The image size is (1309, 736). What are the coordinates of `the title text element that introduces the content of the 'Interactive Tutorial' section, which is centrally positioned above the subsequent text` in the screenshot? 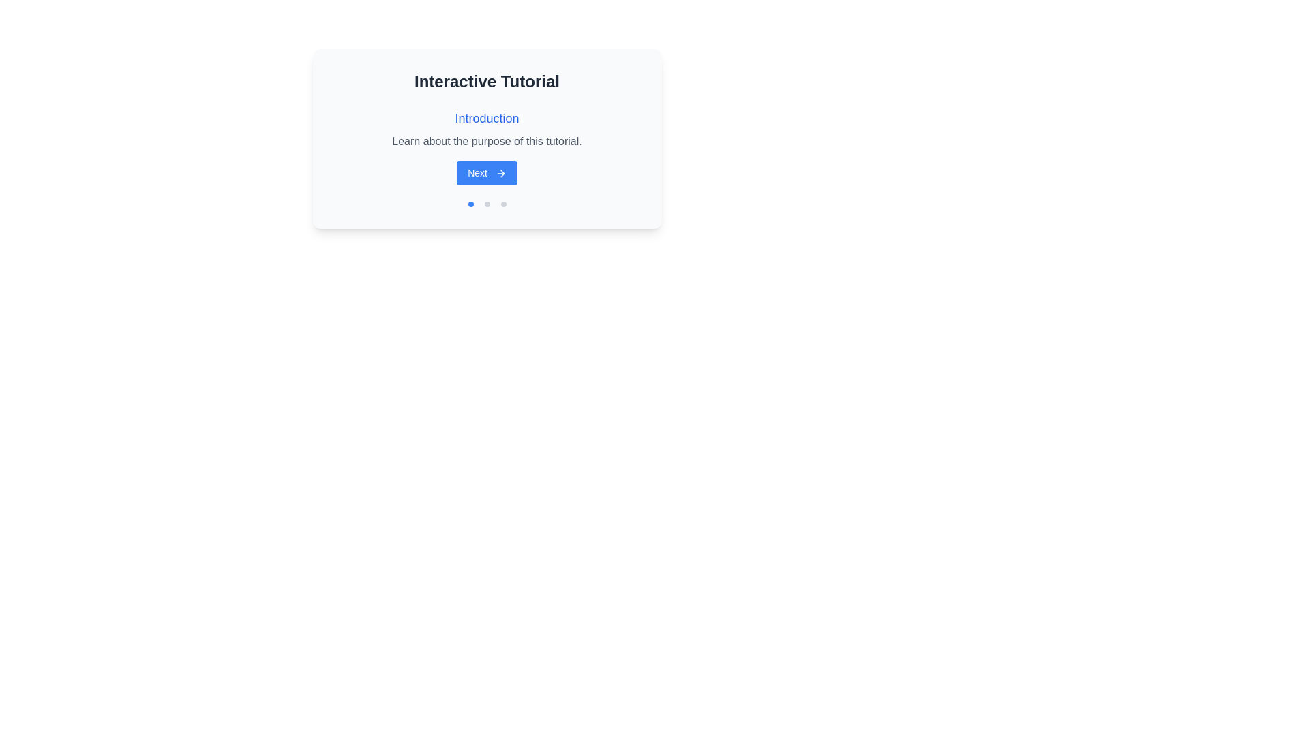 It's located at (487, 117).